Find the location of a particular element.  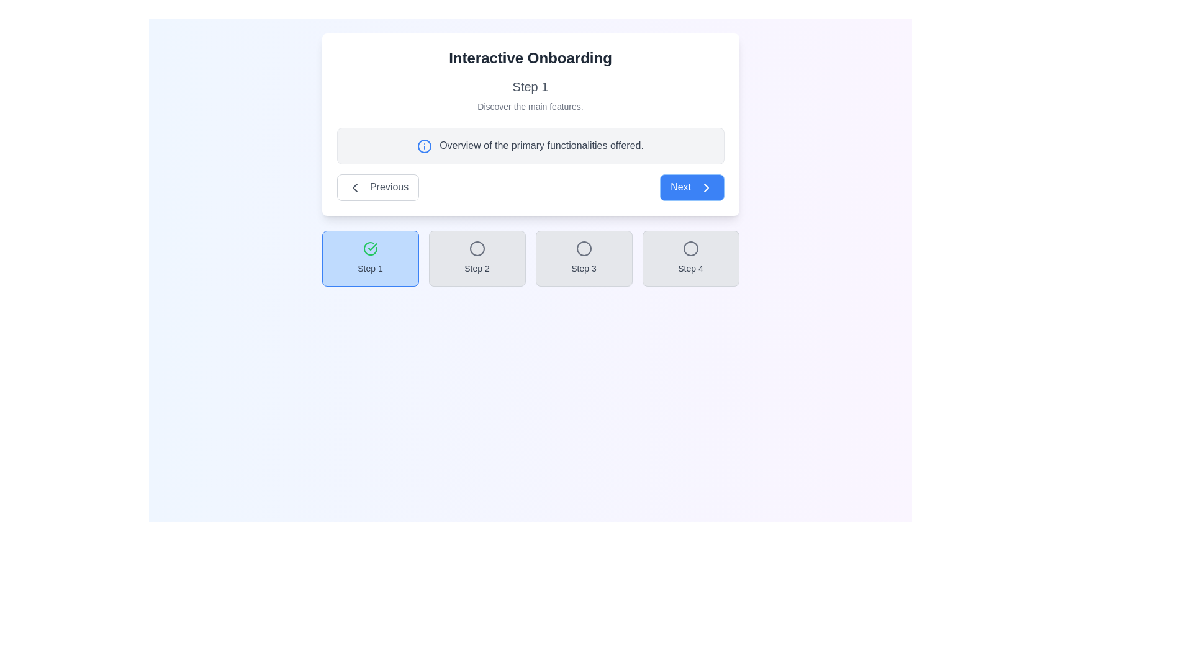

the third step indicator of the onboarding process is located at coordinates (583, 257).